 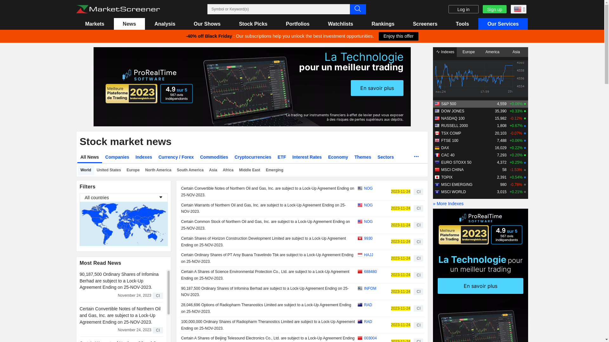 What do you see at coordinates (340, 23) in the screenshot?
I see `'Watchlists'` at bounding box center [340, 23].